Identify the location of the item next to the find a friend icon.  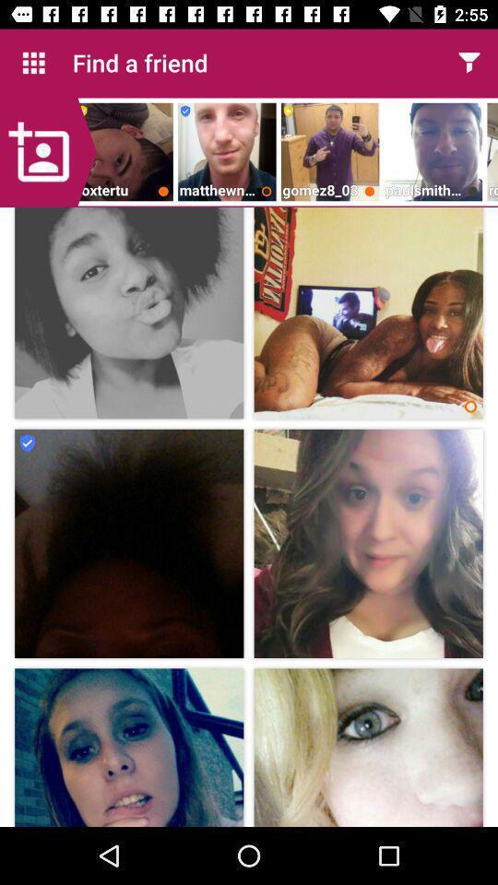
(33, 63).